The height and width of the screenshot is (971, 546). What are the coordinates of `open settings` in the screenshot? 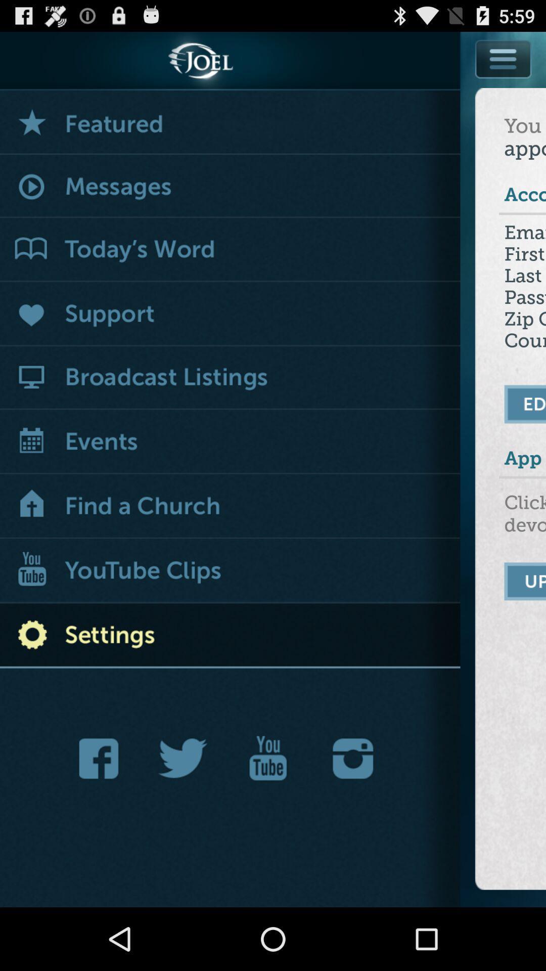 It's located at (504, 58).